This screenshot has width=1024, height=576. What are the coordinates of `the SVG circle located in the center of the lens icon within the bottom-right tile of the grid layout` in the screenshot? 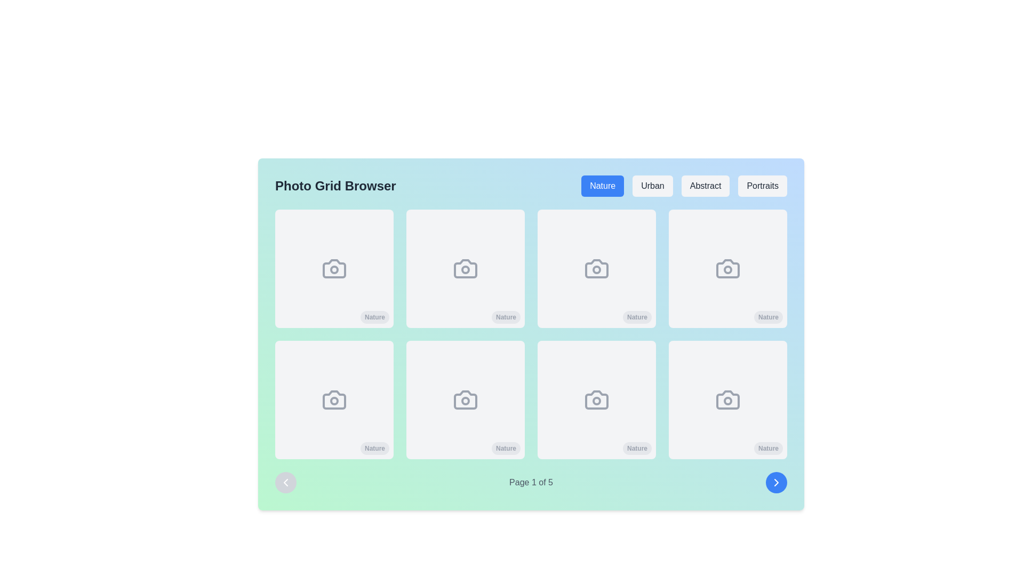 It's located at (596, 401).